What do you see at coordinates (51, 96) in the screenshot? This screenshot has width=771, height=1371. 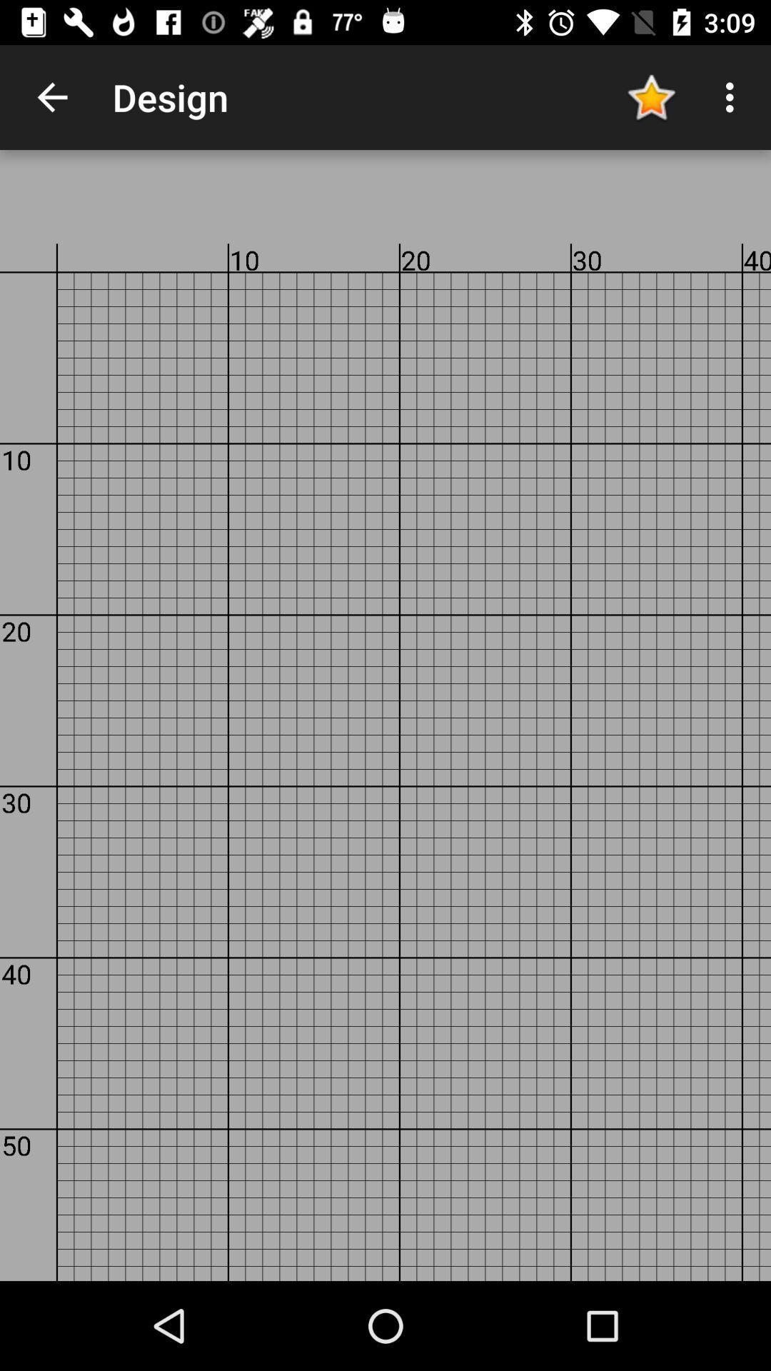 I see `icon next to the design icon` at bounding box center [51, 96].